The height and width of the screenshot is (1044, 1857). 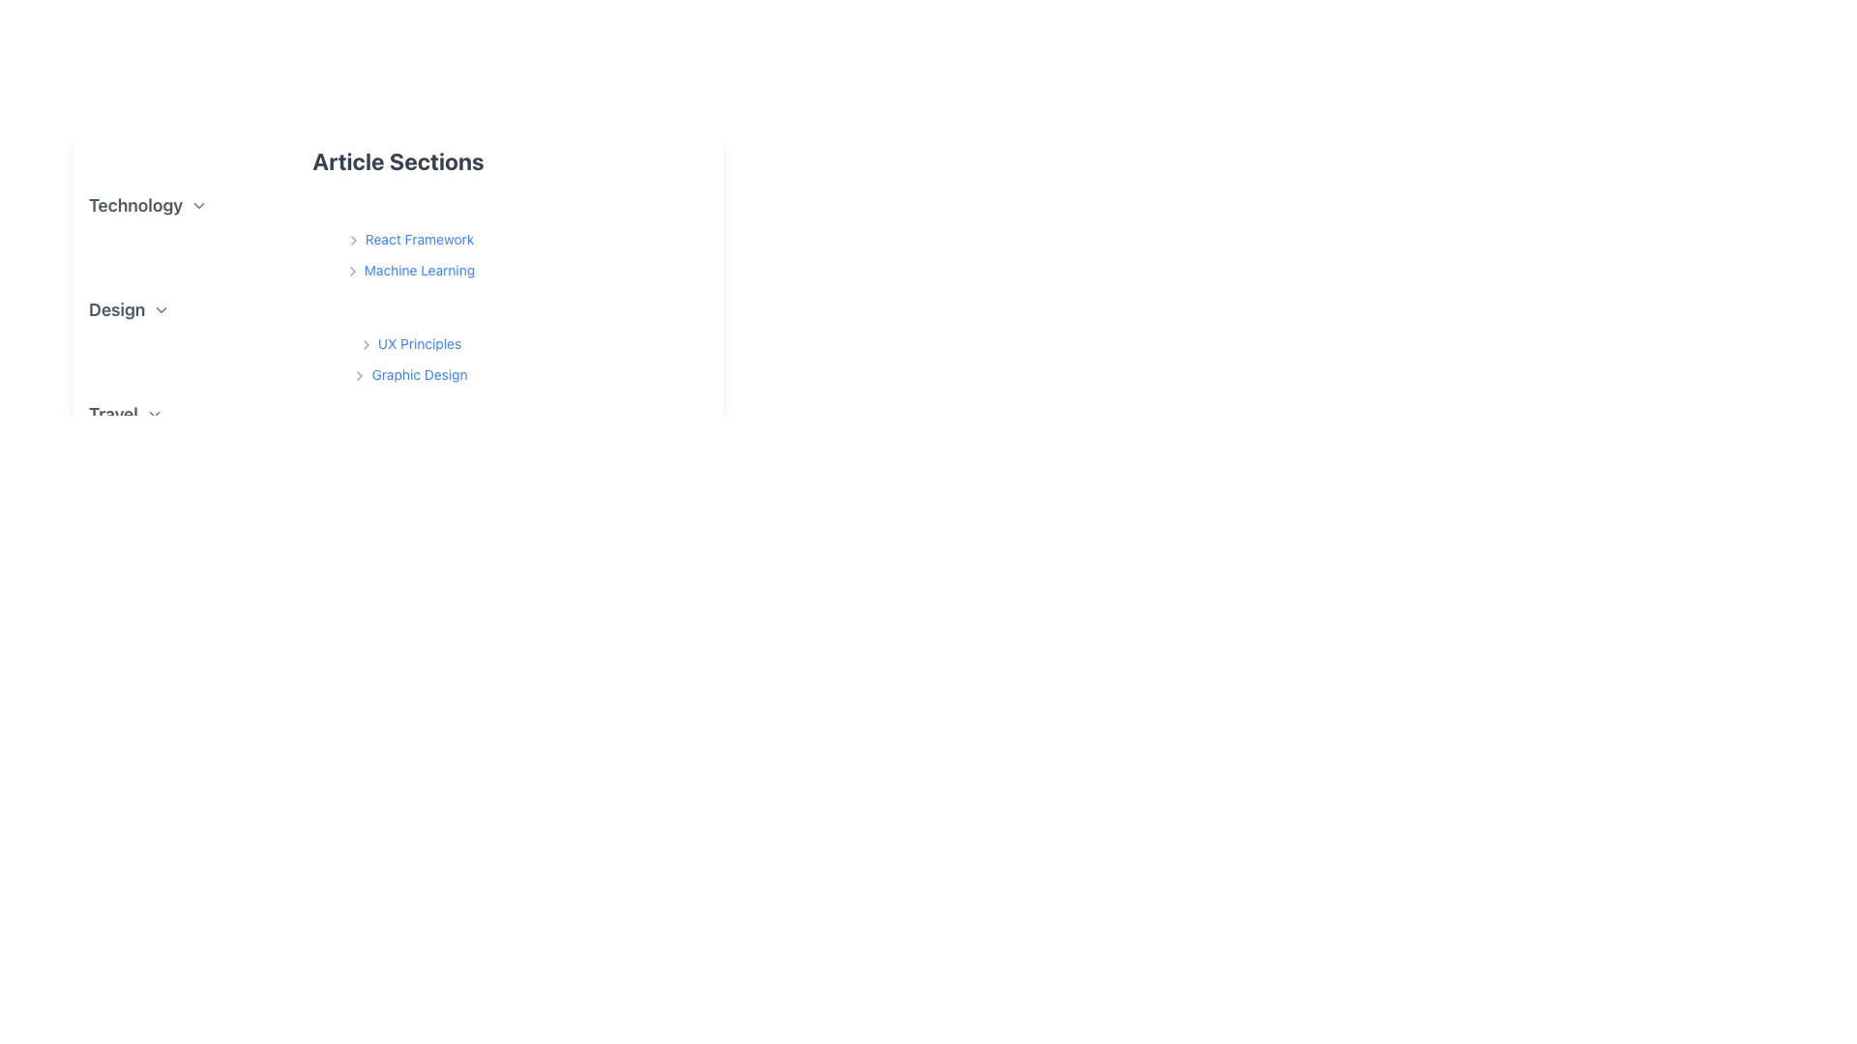 I want to click on the hyperlink text under the 'Technology' header in the 'Article Sections' panel, so click(x=408, y=237).